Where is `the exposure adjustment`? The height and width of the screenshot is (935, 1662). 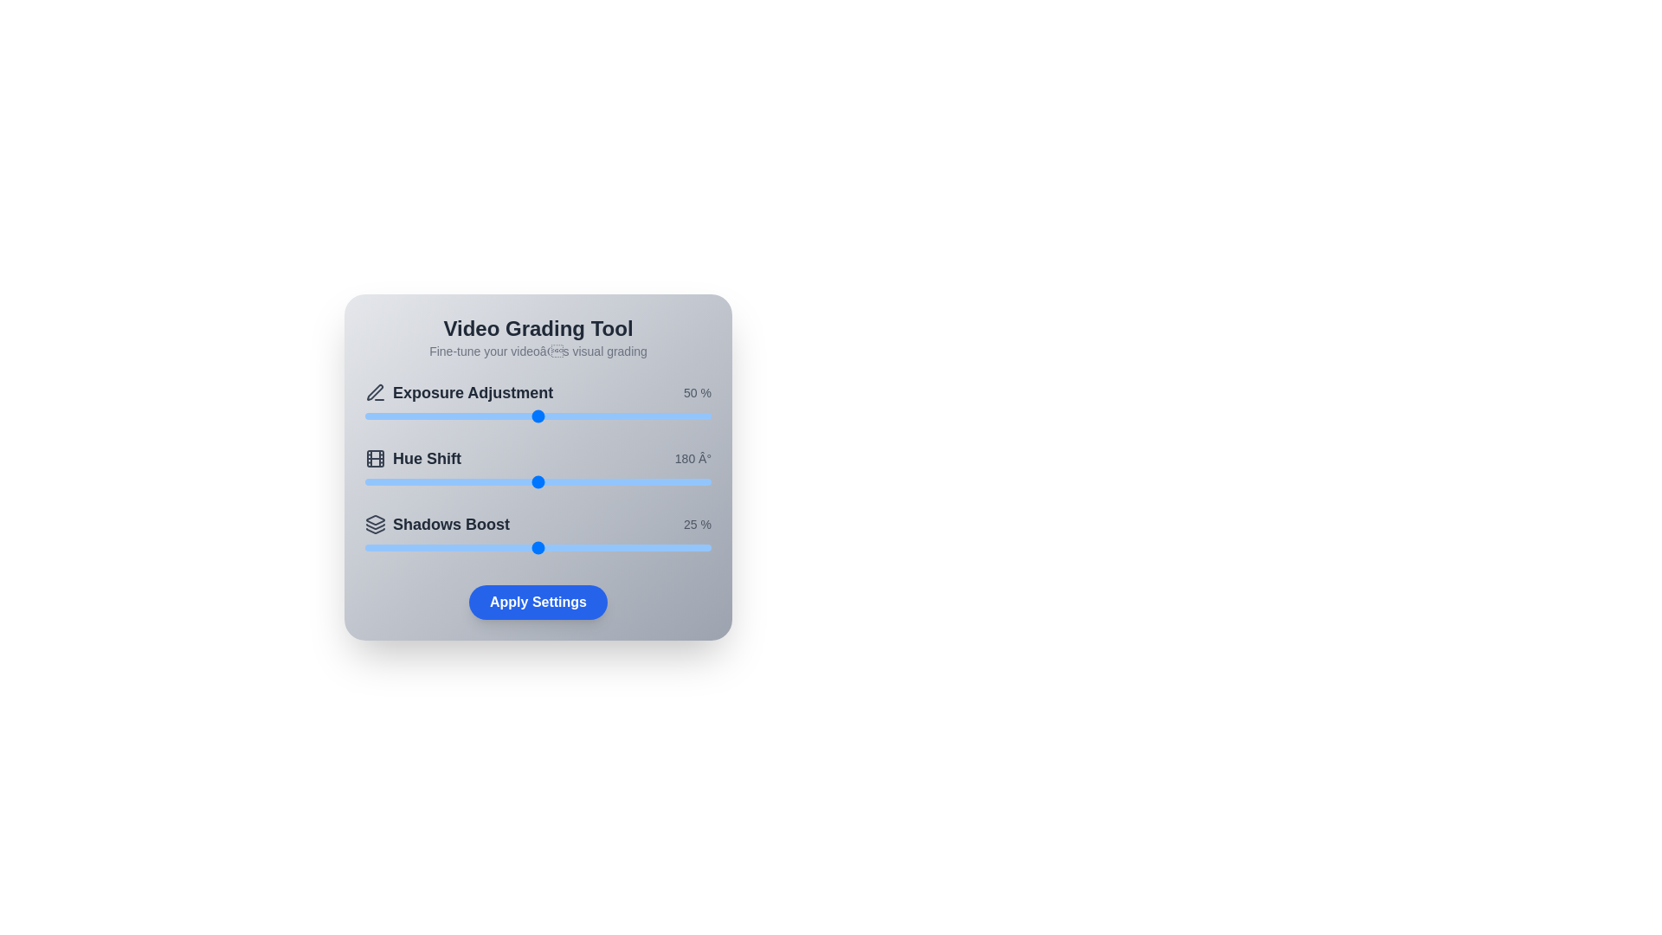 the exposure adjustment is located at coordinates (577, 416).